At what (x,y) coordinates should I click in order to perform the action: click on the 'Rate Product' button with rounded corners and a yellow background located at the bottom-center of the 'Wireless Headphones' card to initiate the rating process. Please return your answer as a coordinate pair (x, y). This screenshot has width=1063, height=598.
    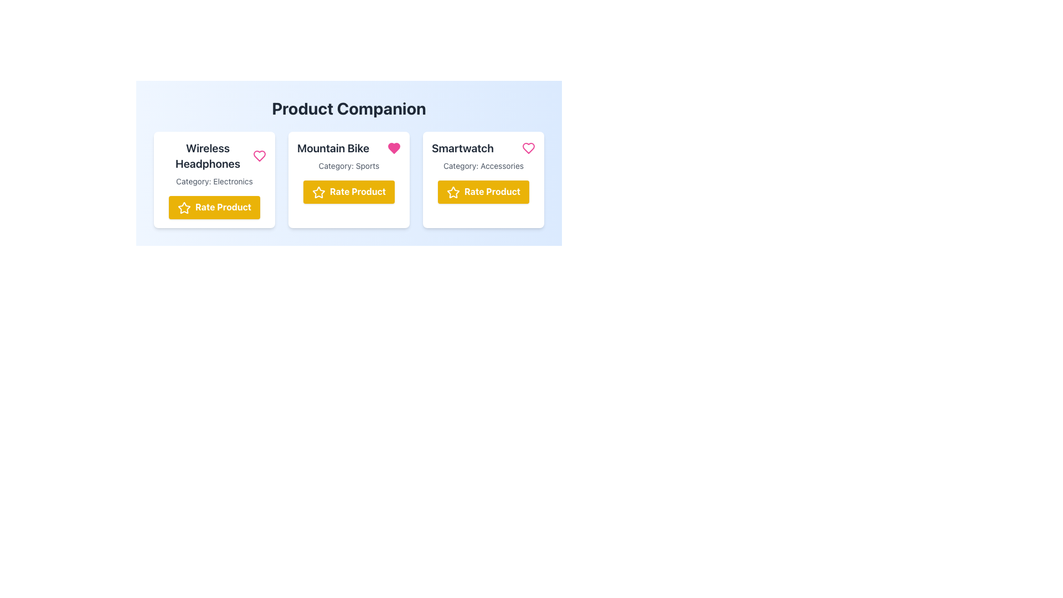
    Looking at the image, I should click on (214, 207).